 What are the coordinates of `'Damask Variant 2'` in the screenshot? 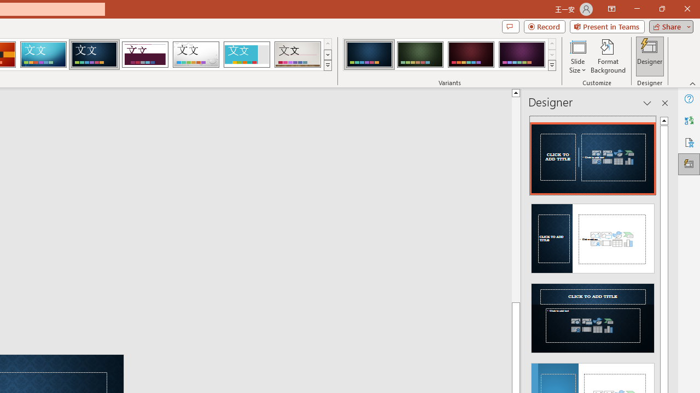 It's located at (419, 55).